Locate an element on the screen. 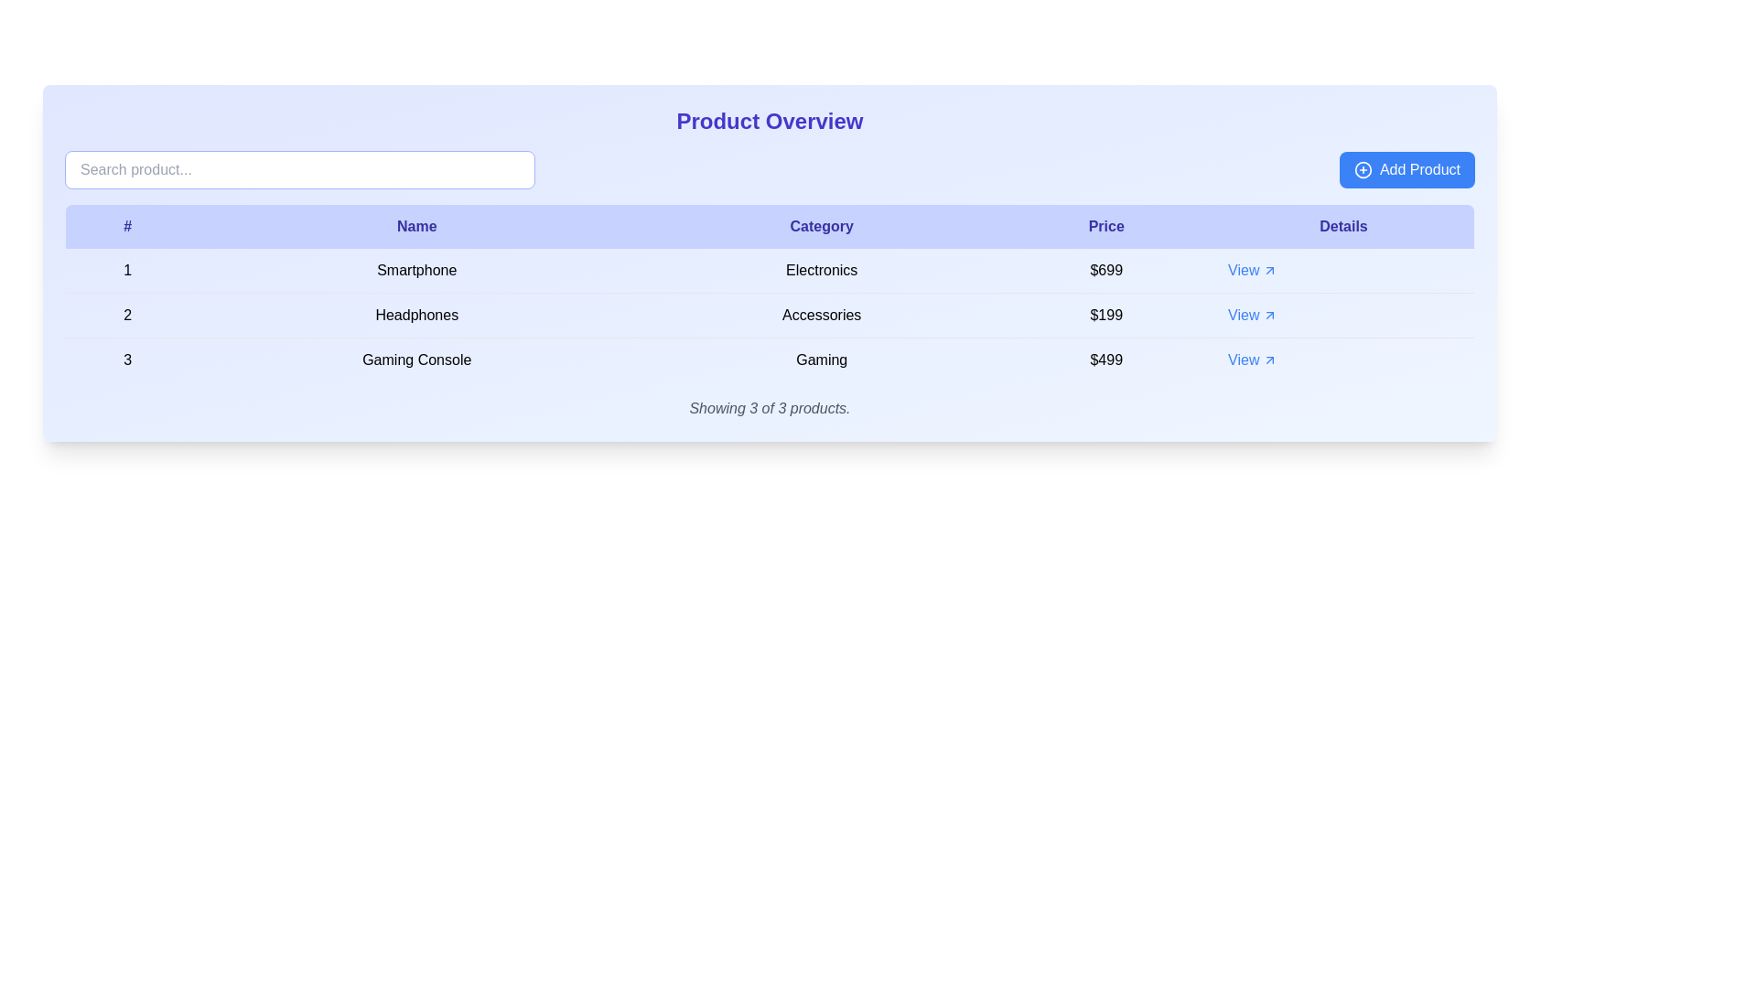 Image resolution: width=1757 pixels, height=988 pixels. text display component showing the number '1' located in the first column of the table, positioned at the top-left corner, with padding for clarity is located at coordinates (126, 271).